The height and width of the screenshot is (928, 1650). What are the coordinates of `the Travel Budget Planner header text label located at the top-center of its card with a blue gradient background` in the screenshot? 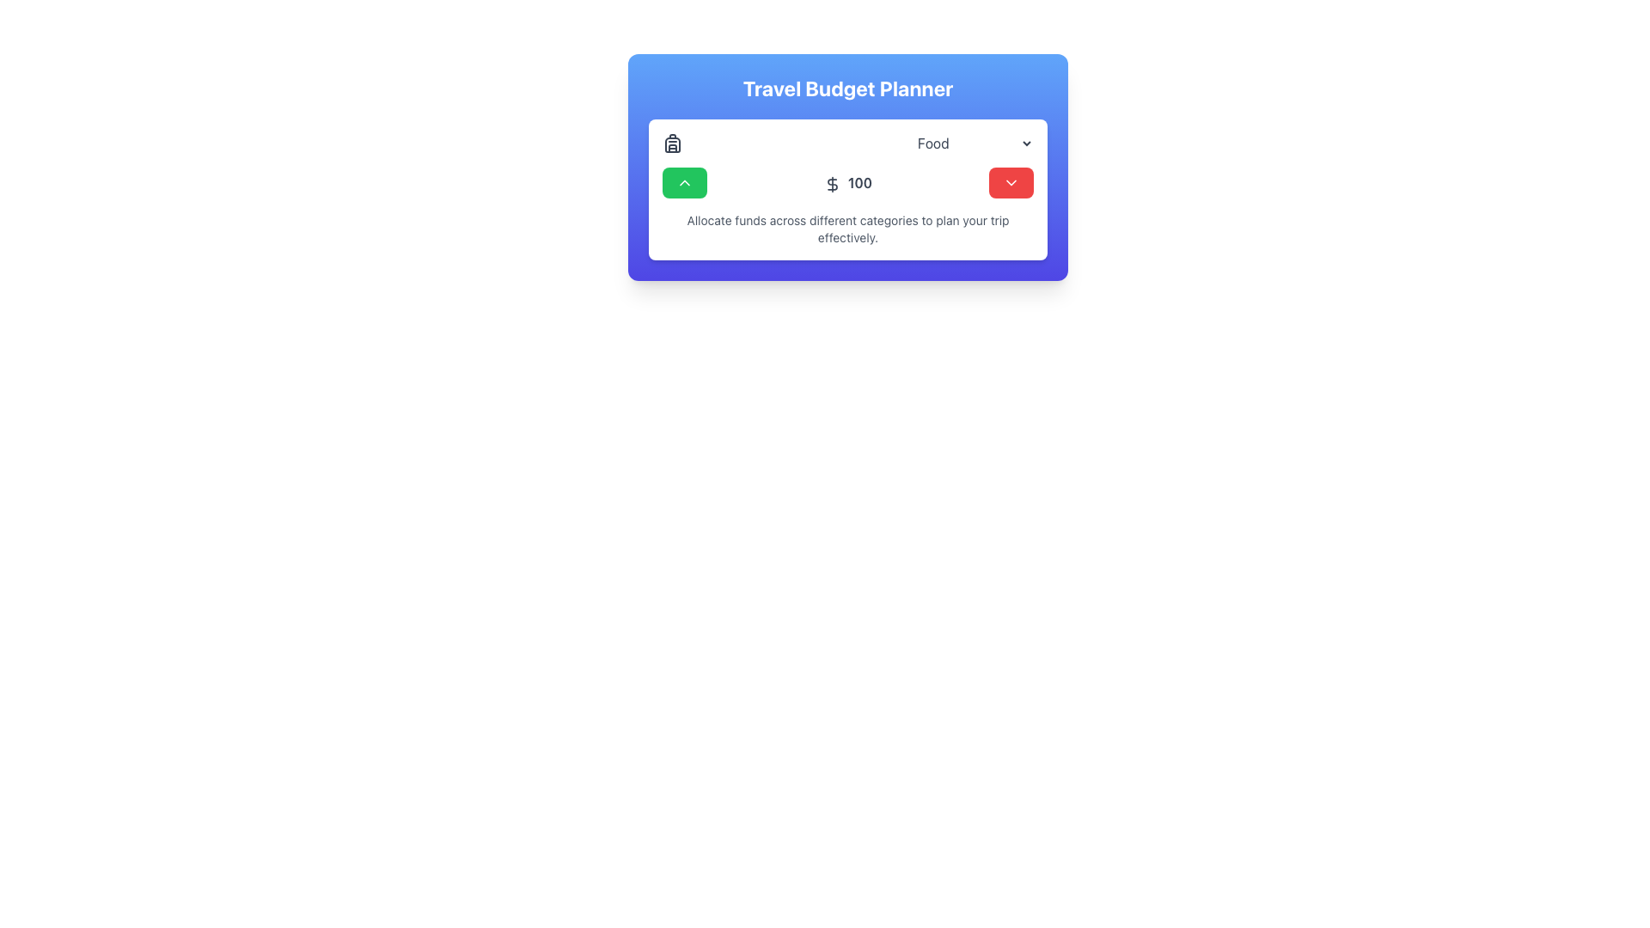 It's located at (848, 89).